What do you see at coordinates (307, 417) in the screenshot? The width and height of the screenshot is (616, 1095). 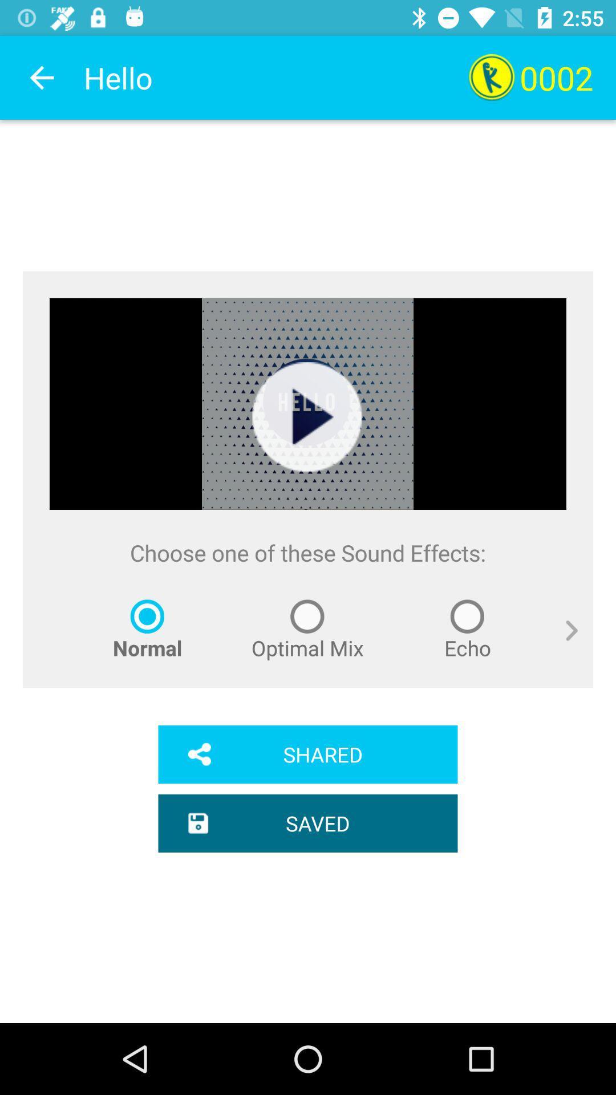 I see `item above choose one of icon` at bounding box center [307, 417].